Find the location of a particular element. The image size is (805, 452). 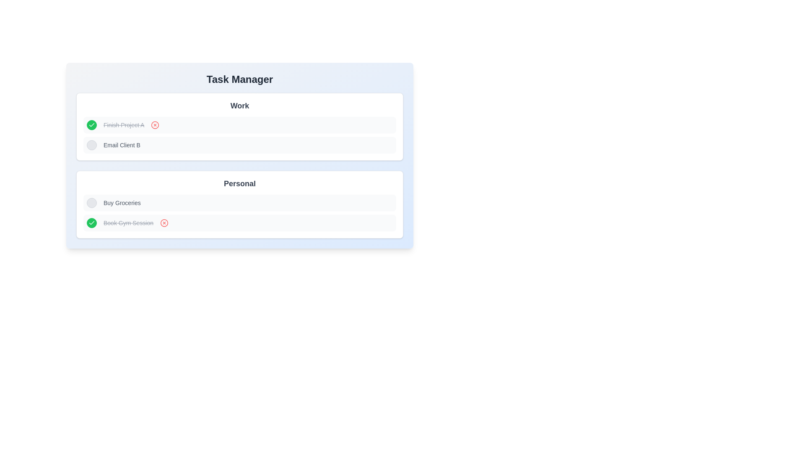

the static text label that reads 'Personal', which is styled in a large, bold gray font and serves as a section title for the tasks below is located at coordinates (239, 183).